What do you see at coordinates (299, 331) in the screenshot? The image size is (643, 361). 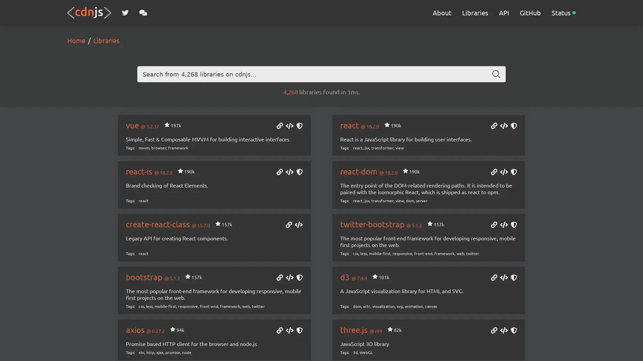 I see `Copy SRI Hash` at bounding box center [299, 331].